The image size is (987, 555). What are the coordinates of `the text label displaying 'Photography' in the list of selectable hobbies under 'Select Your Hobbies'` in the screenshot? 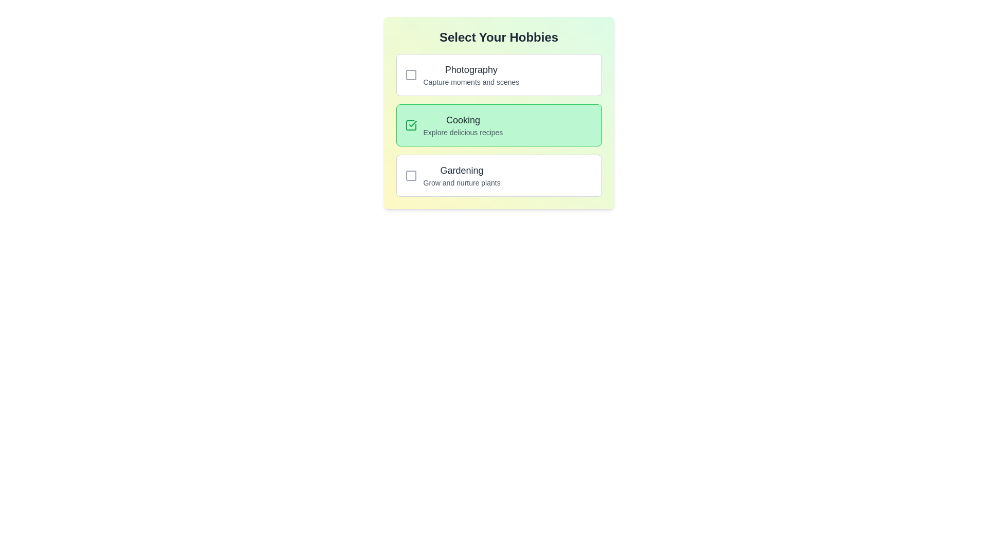 It's located at (470, 75).